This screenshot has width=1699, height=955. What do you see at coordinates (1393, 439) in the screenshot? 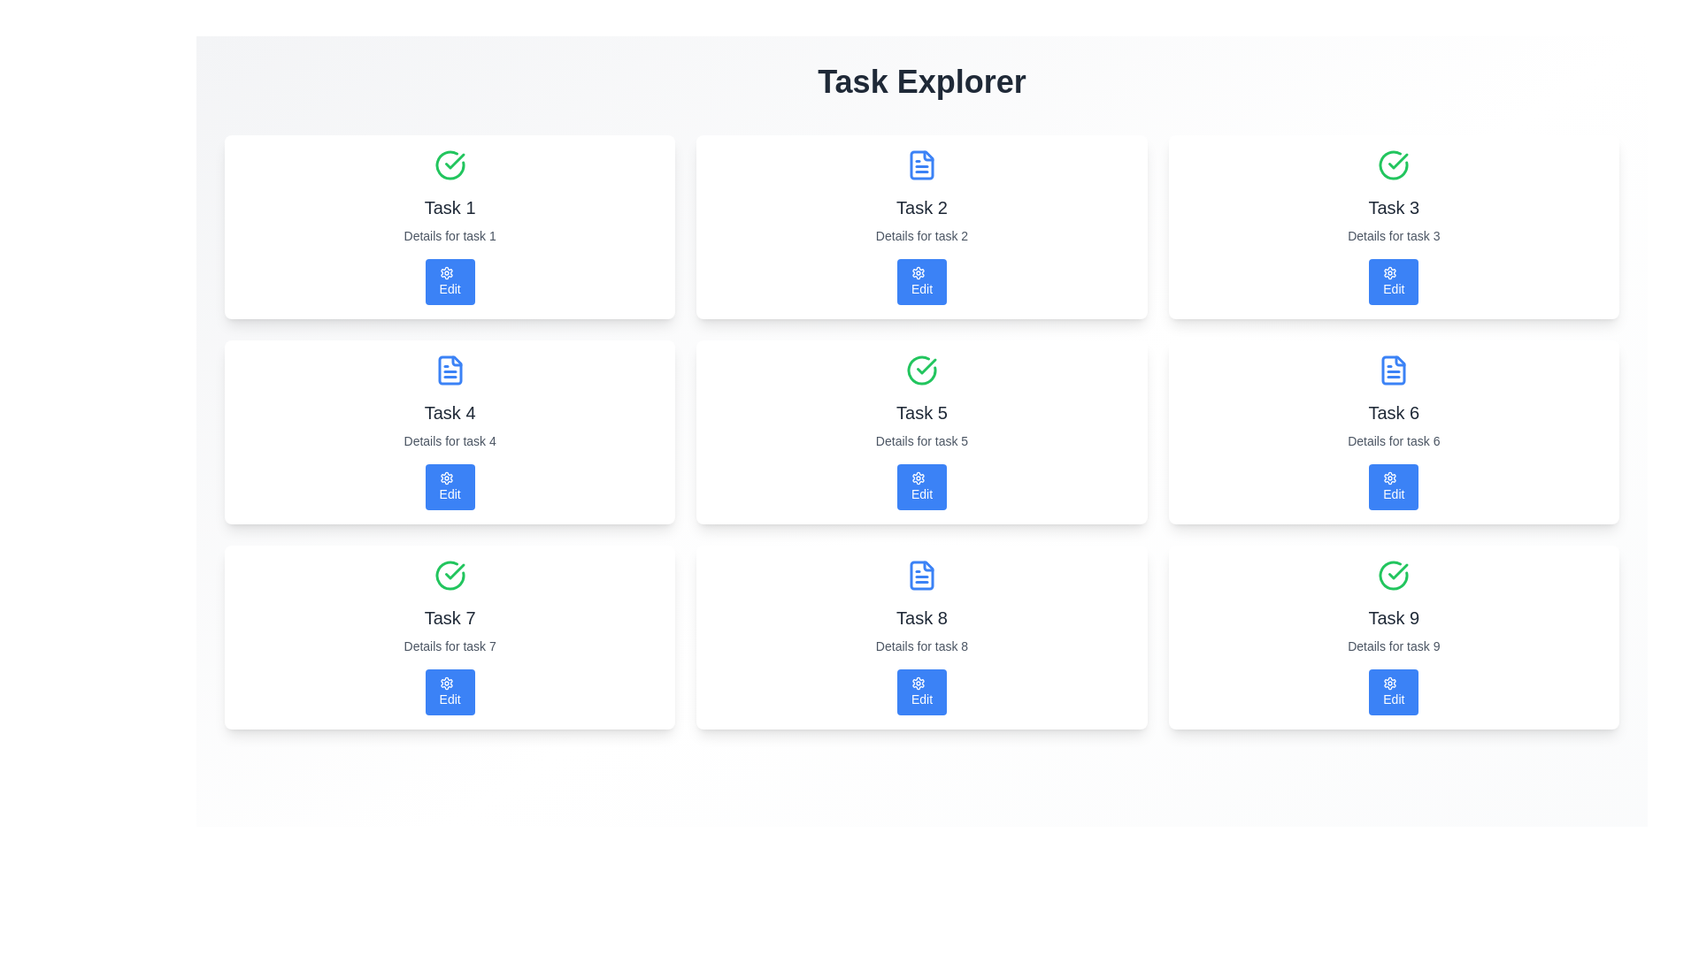
I see `the descriptive text label for 'Task 6', which is centrally located between the title 'Task 6' above it and the 'Edit' button below it` at bounding box center [1393, 439].